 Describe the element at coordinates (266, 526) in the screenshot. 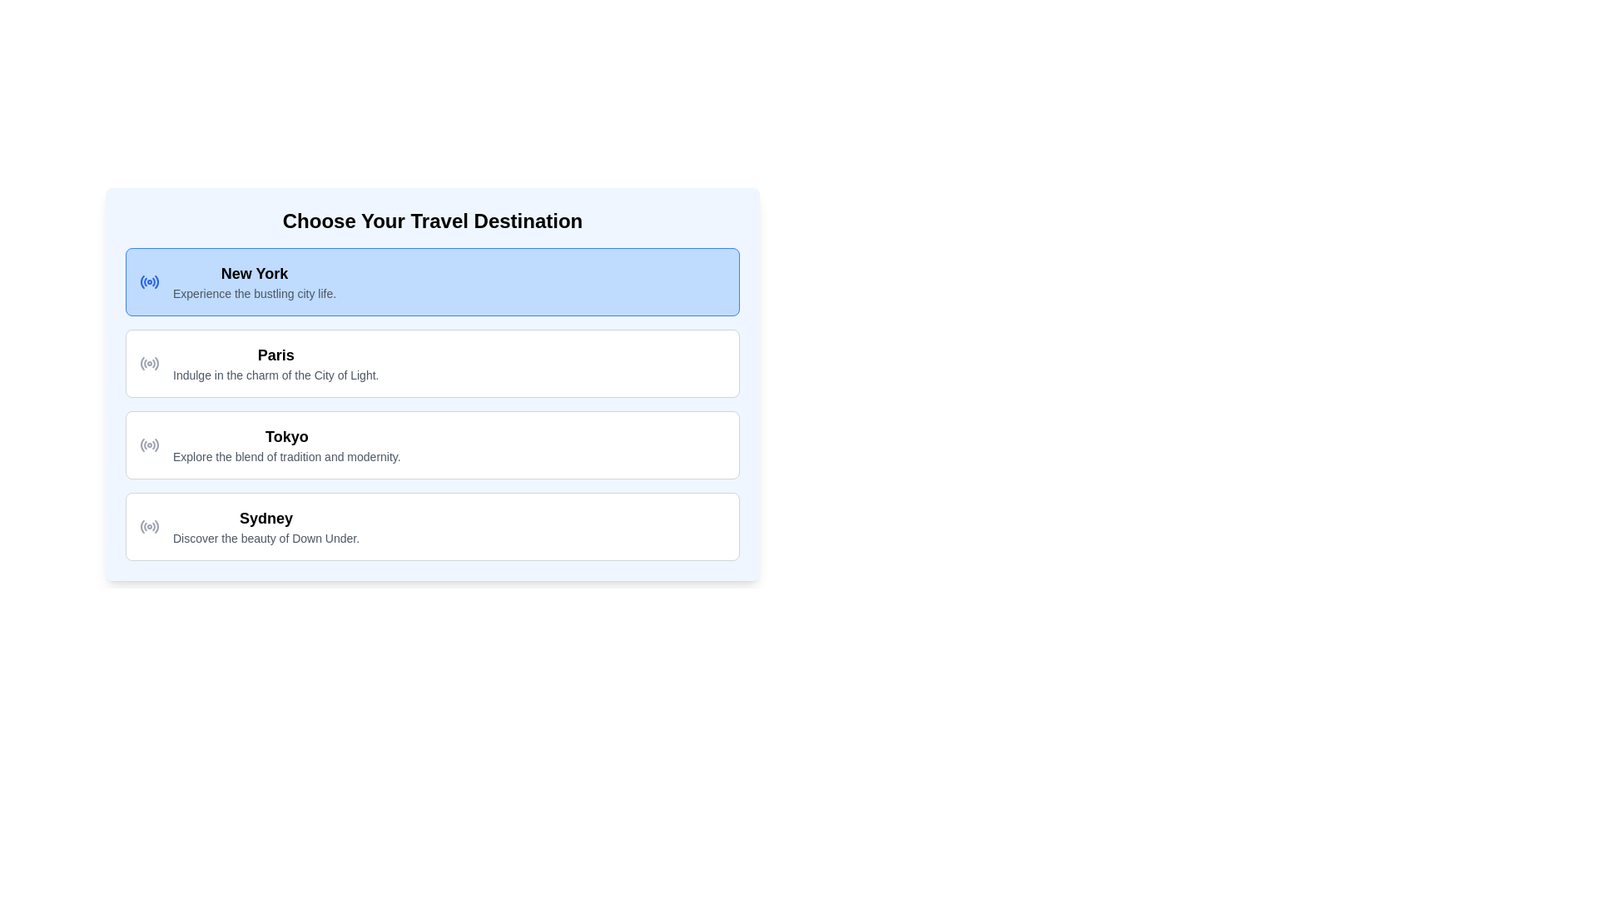

I see `the textual display block that features a bold title 'Sydney' and a smaller description 'Discover the beauty of Down Under', located at the bottom of a vertically stacked list of content cards` at that location.